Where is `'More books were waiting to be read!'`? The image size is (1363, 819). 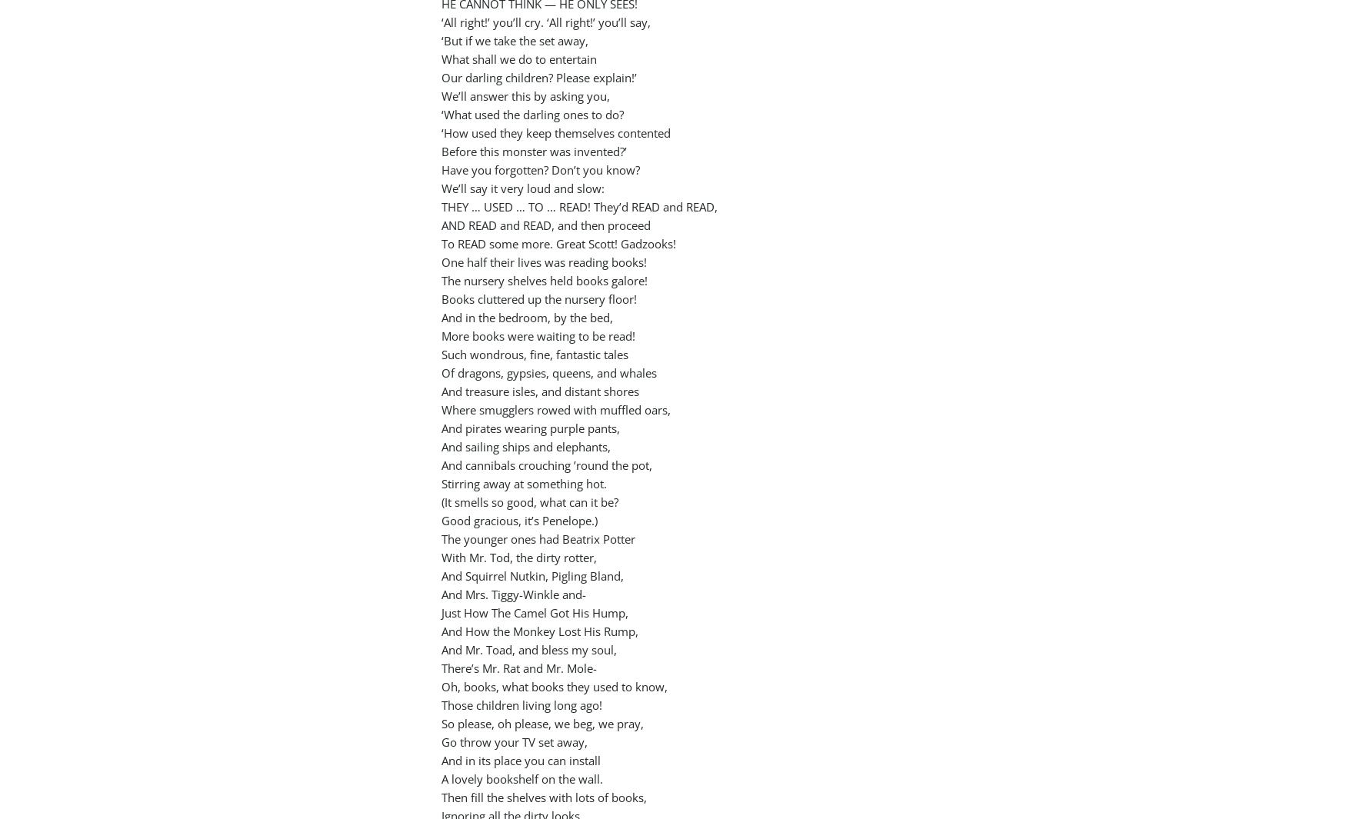
'More books were waiting to be read!' is located at coordinates (539, 335).